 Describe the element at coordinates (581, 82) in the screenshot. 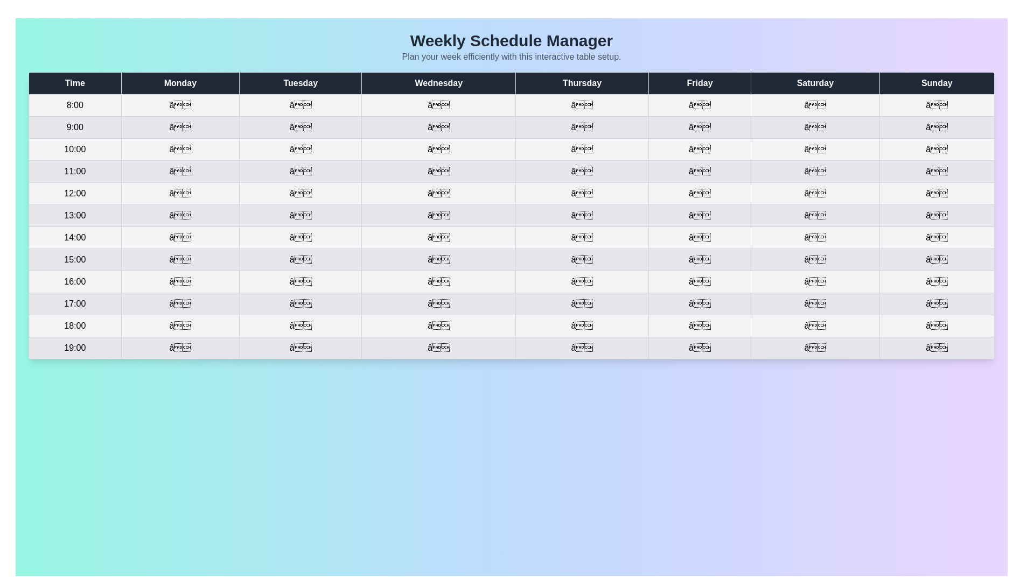

I see `the header of the column labeled Thursday to sort it` at that location.